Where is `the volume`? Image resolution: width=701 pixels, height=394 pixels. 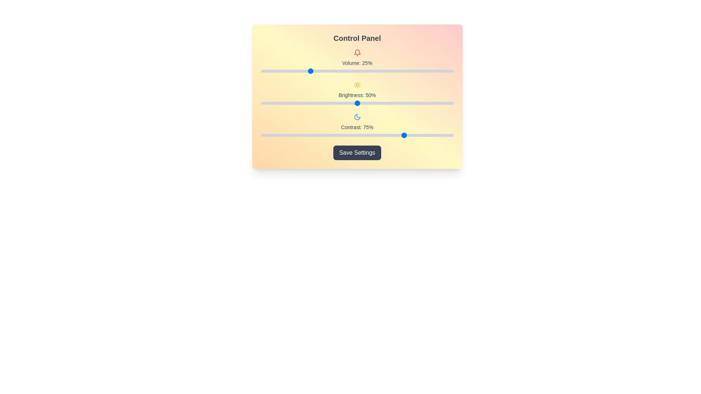
the volume is located at coordinates (307, 71).